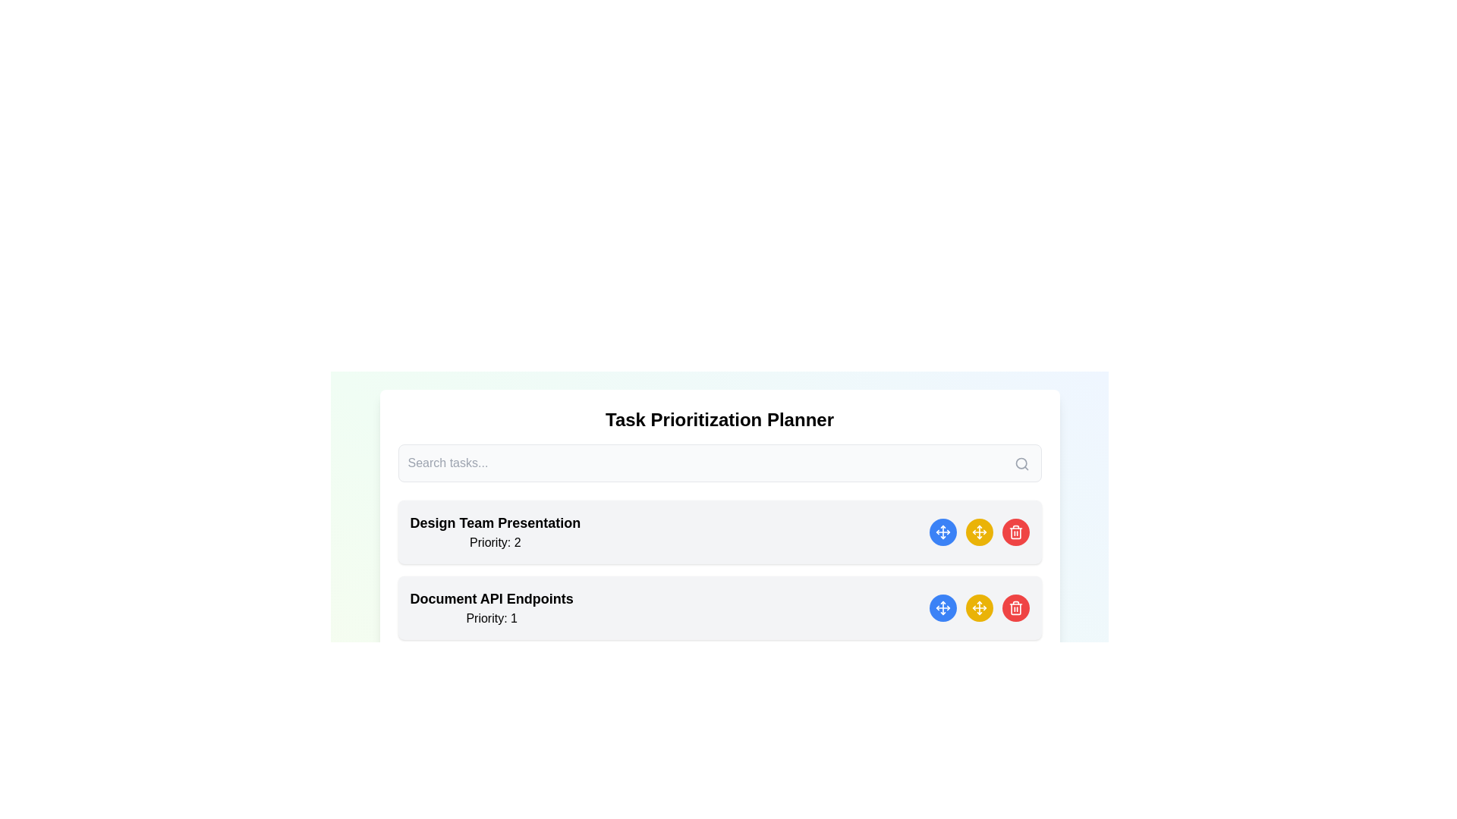  Describe the element at coordinates (979, 532) in the screenshot. I see `the button with a four-directional arrow symbol, located between a blue circular button and a red circular button` at that location.